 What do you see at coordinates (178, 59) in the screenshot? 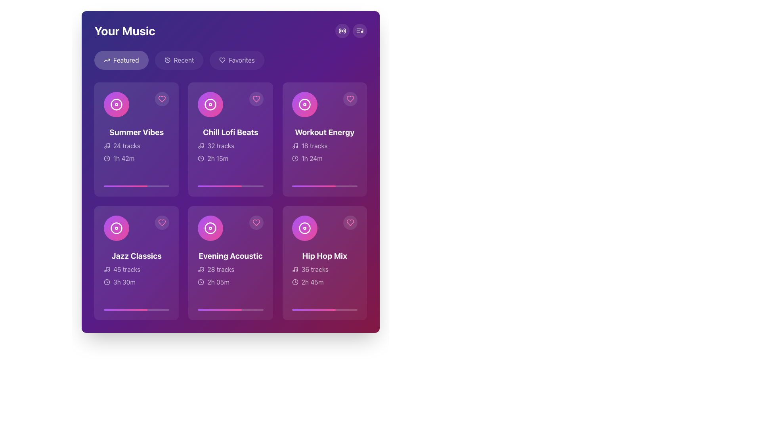
I see `the 'Recent' button in the horizontal navigation menu to trigger its hover state` at bounding box center [178, 59].